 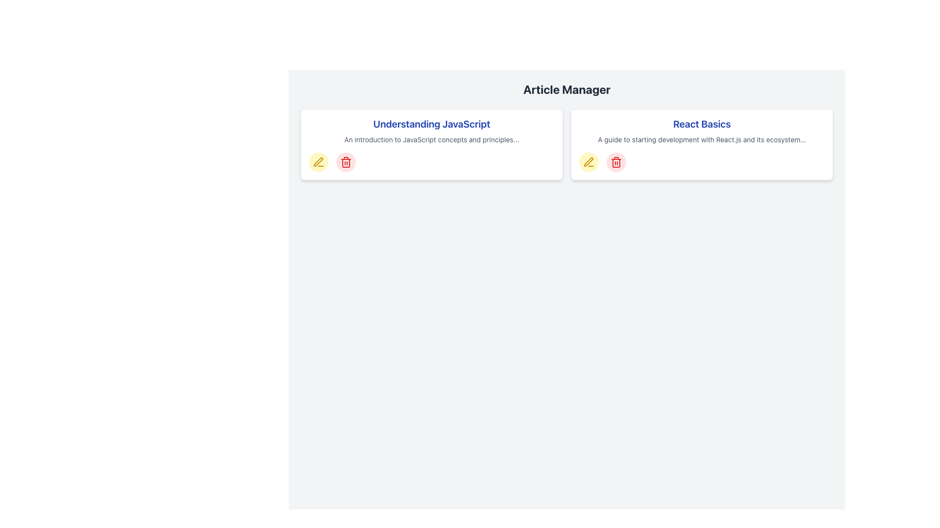 What do you see at coordinates (318, 161) in the screenshot?
I see `the edit icon located at the bottom-left of the card titled 'Understanding JavaScript' to modify the card's content` at bounding box center [318, 161].